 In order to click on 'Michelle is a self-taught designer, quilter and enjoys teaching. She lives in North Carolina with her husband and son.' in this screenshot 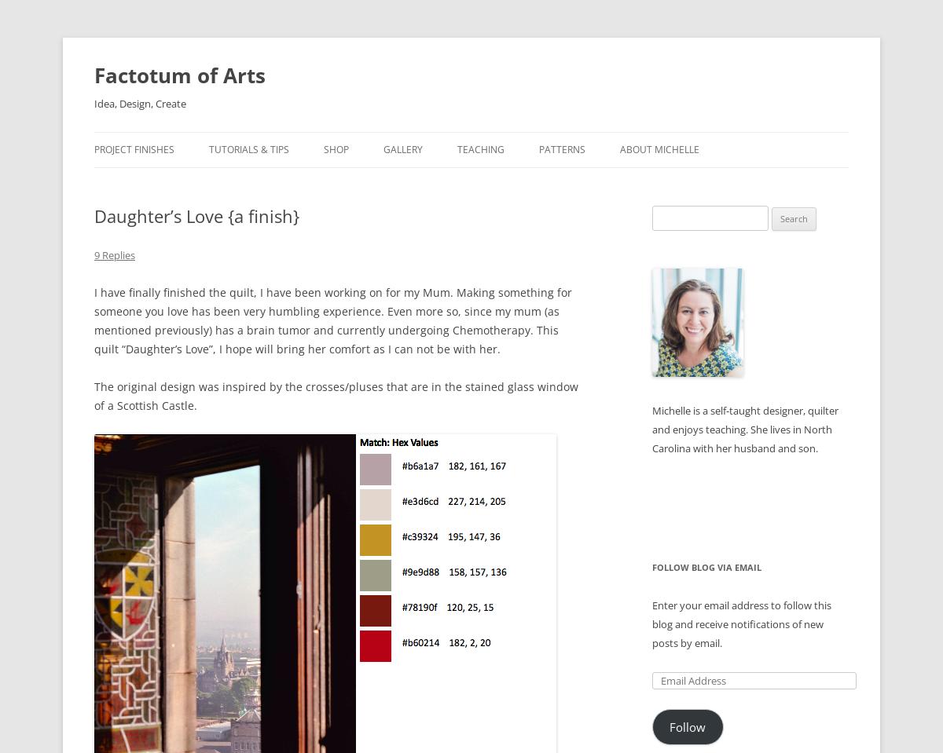, I will do `click(745, 430)`.